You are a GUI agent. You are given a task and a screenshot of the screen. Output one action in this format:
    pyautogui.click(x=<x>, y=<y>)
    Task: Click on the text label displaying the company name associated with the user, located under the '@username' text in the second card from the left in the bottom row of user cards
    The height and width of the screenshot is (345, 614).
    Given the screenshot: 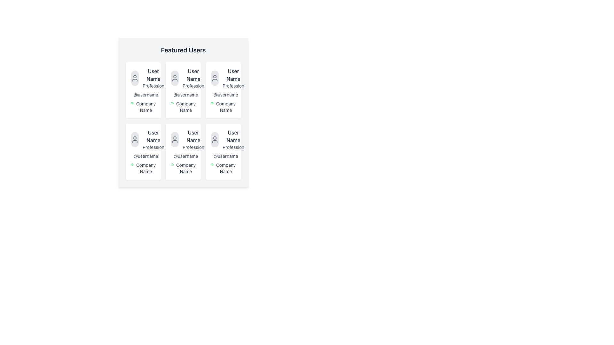 What is the action you would take?
    pyautogui.click(x=143, y=168)
    